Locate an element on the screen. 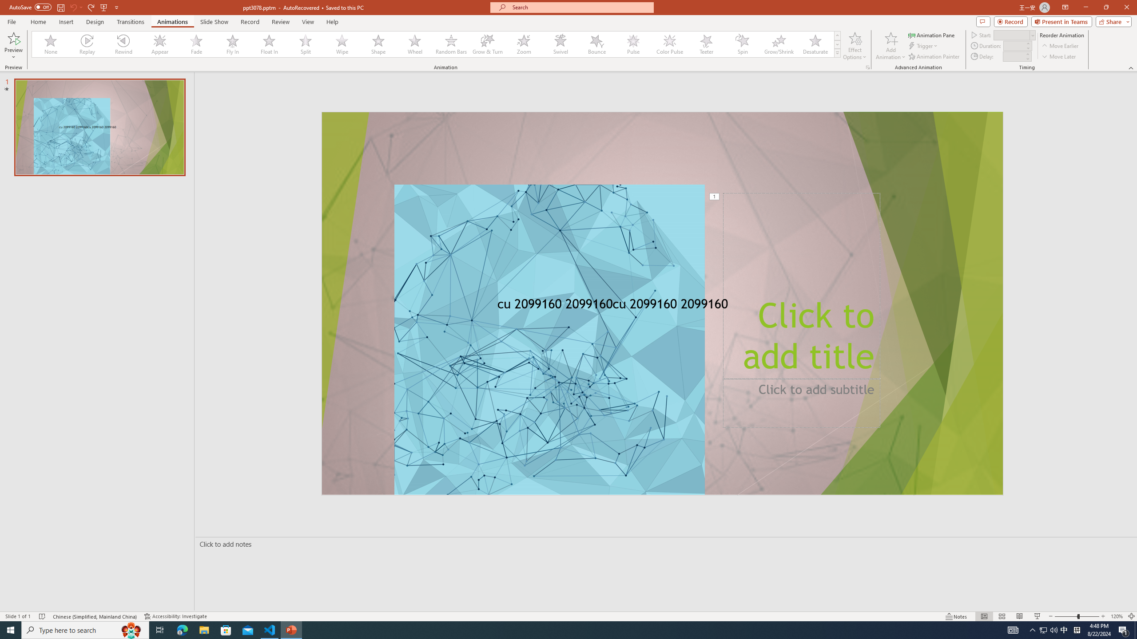 This screenshot has height=639, width=1137. 'Move Earlier' is located at coordinates (1060, 46).